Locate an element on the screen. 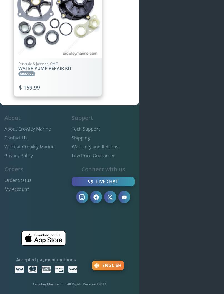 The height and width of the screenshot is (294, 224). 'Low Price Guarantee' is located at coordinates (71, 155).